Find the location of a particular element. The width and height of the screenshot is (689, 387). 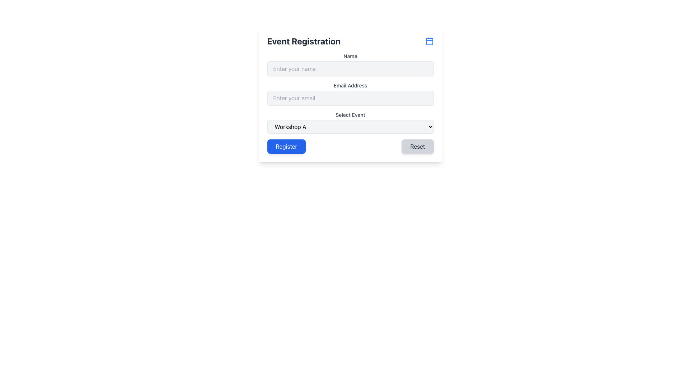

the small rectangle with rounded corners inside the calendar icon located at the top-right corner of the form card is located at coordinates (429, 41).